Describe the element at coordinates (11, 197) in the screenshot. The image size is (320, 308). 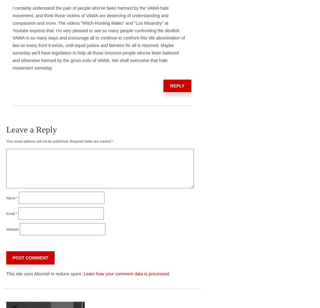
I see `'Name'` at that location.